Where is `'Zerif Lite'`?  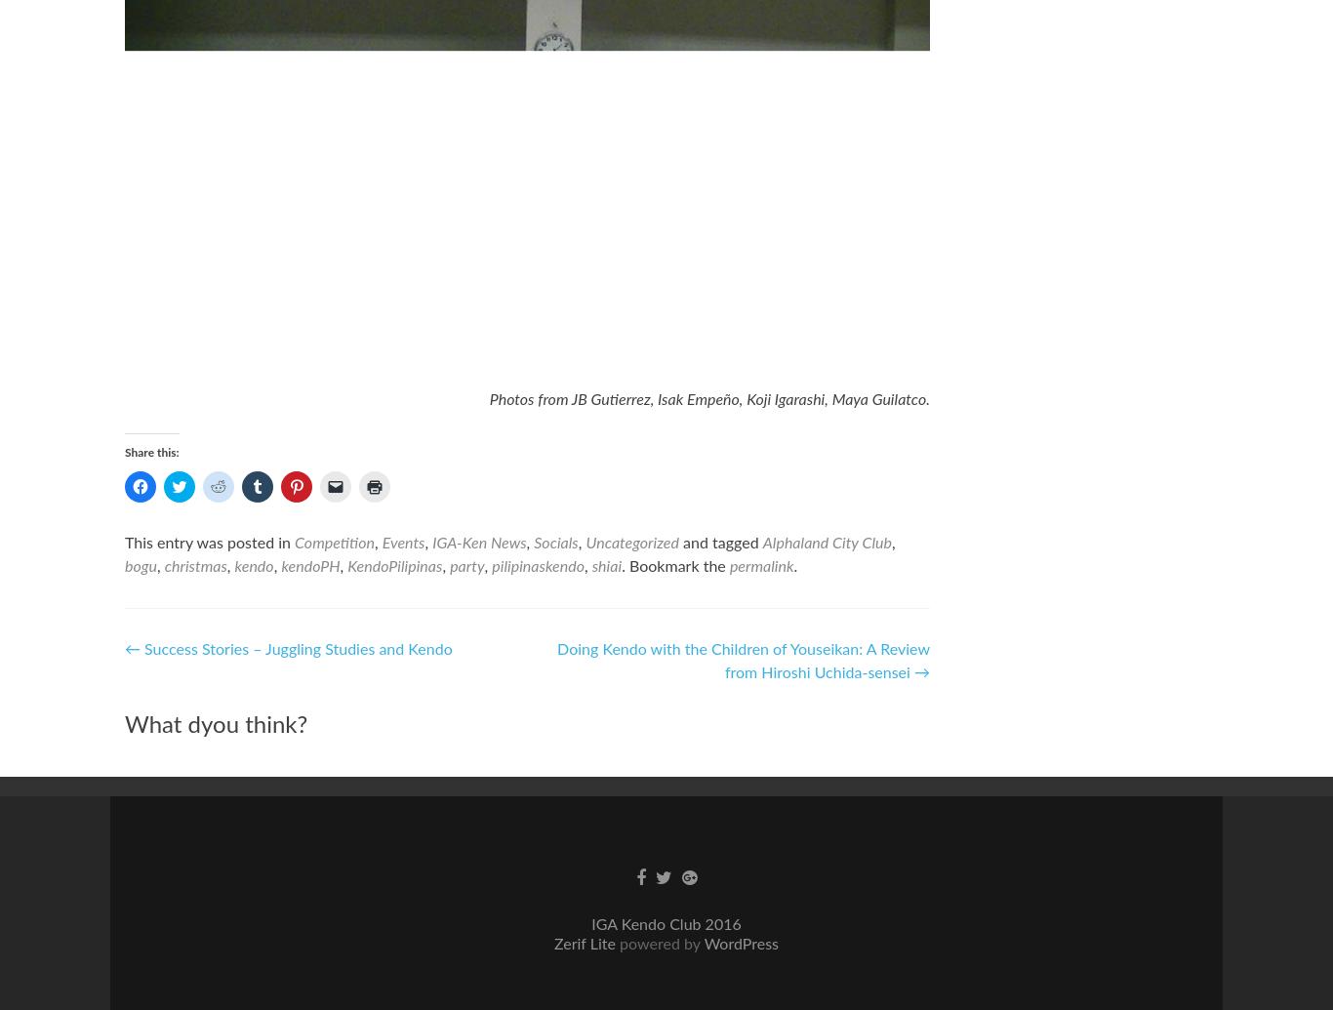
'Zerif Lite' is located at coordinates (586, 944).